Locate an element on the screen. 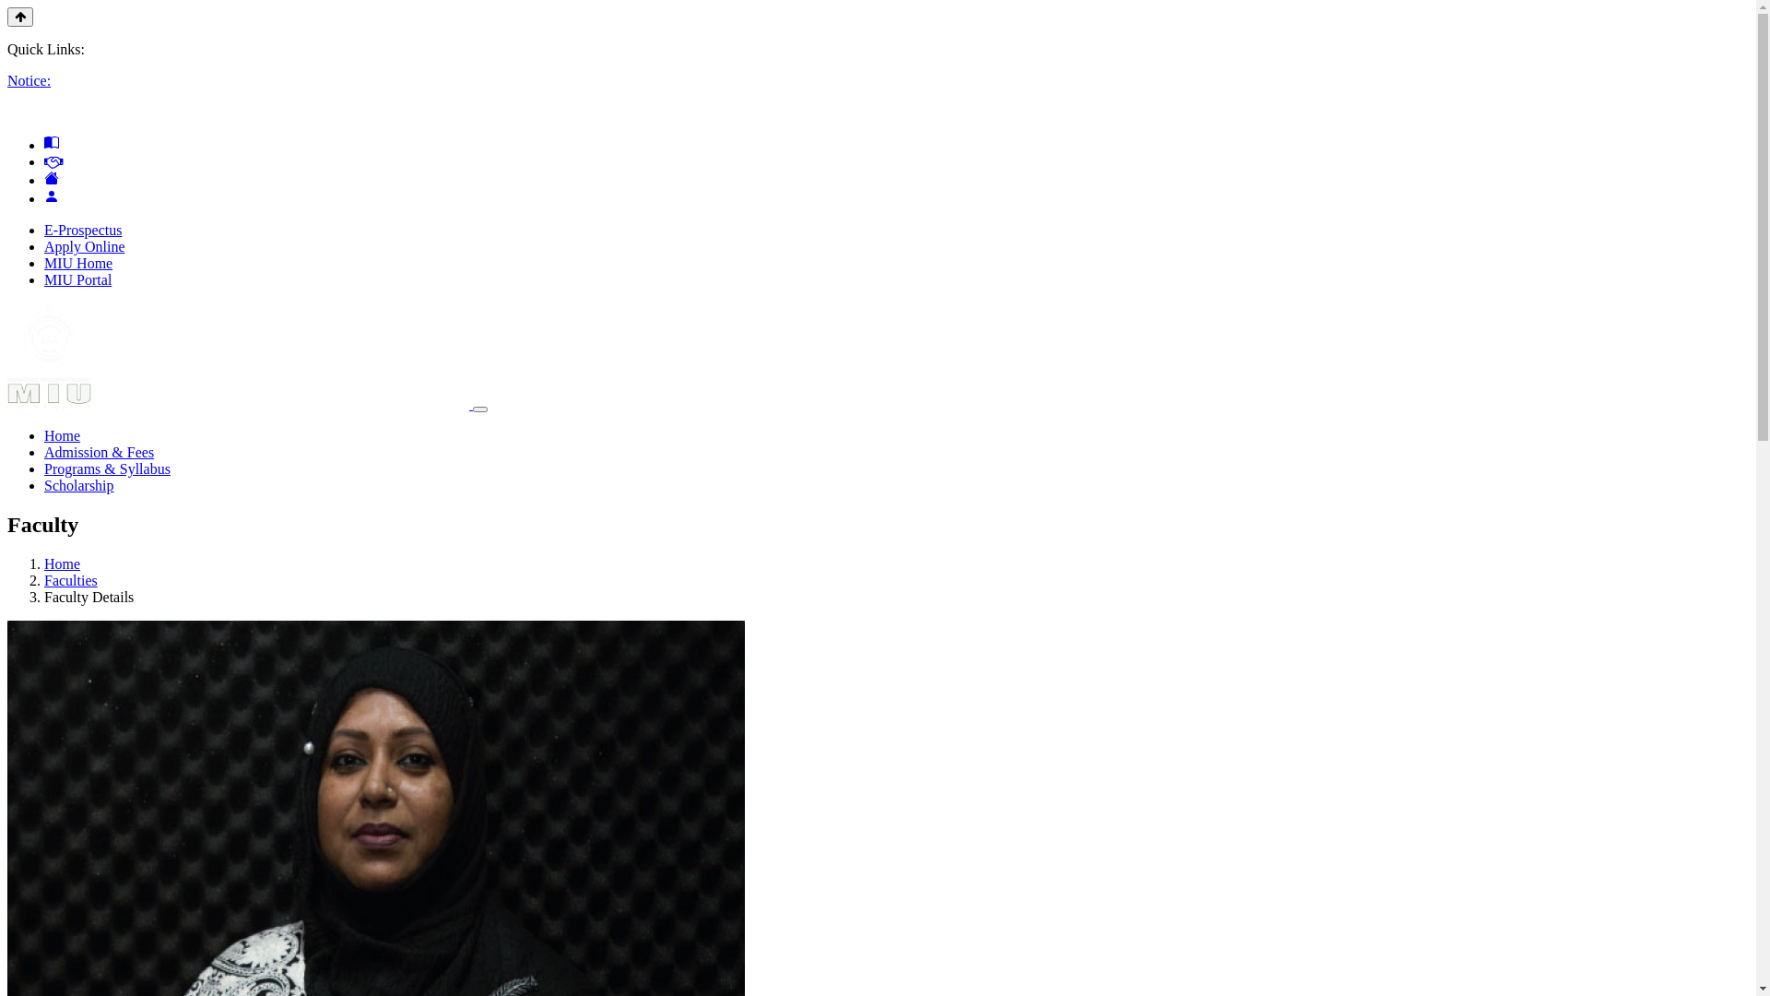  'Faculties' is located at coordinates (70, 579).